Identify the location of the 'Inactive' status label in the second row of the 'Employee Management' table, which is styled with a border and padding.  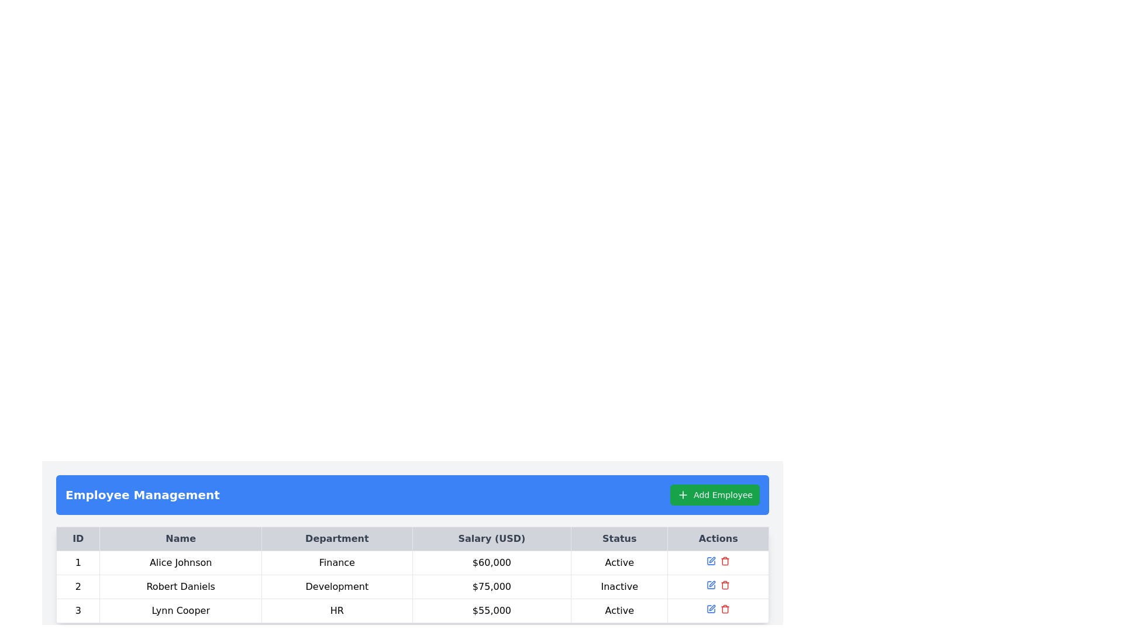
(619, 586).